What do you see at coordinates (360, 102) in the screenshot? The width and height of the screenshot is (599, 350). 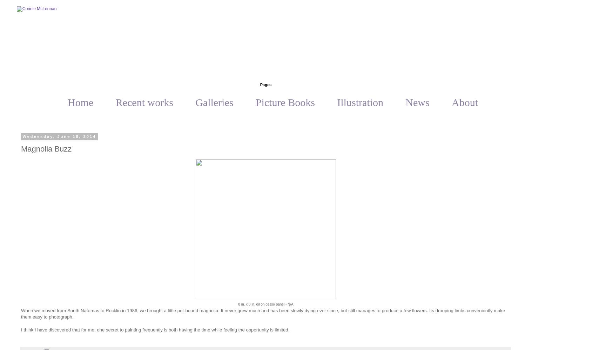 I see `'Illustration'` at bounding box center [360, 102].